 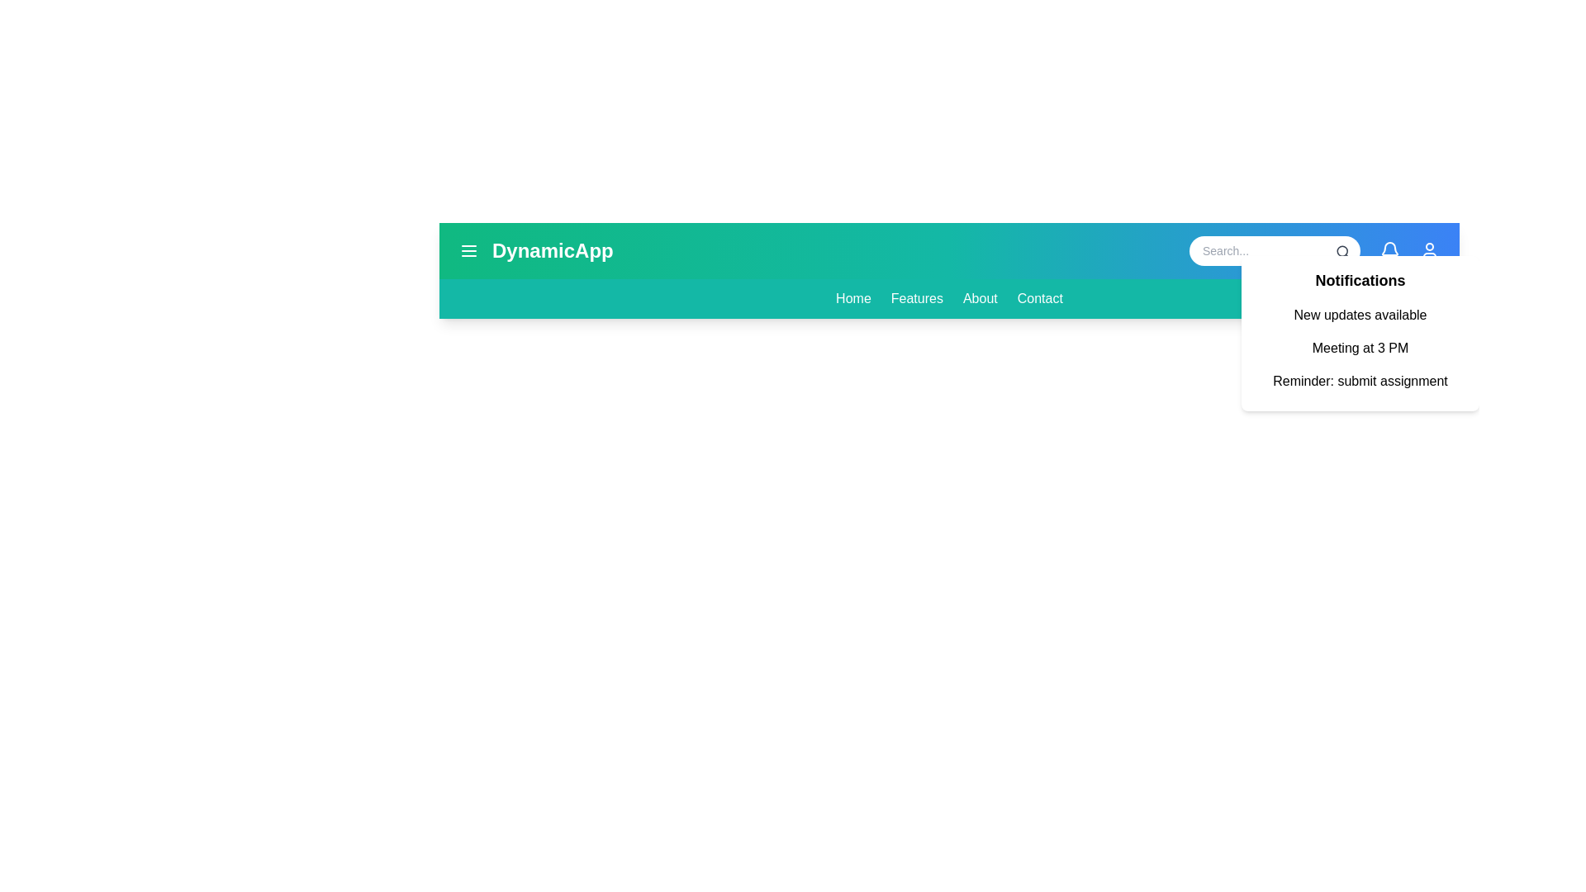 I want to click on the menu icon to toggle the navigation menu visibility, so click(x=468, y=251).